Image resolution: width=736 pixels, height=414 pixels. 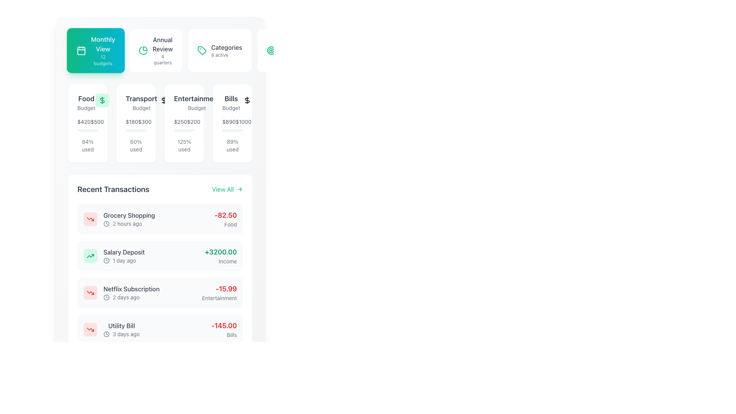 I want to click on budget value displayed by the text label showing '$1000' in the 'Bills' budget card, which is positioned to the right of '$890', so click(x=243, y=121).